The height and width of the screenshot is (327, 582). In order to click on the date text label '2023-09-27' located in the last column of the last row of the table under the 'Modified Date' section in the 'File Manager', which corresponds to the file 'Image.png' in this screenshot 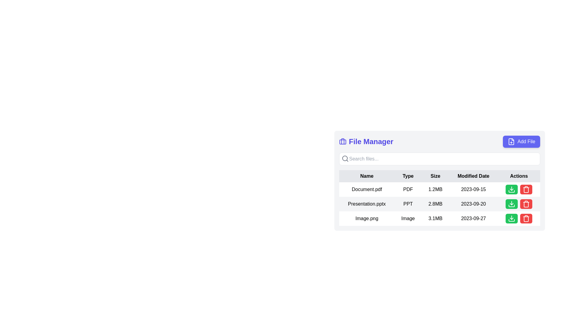, I will do `click(473, 218)`.